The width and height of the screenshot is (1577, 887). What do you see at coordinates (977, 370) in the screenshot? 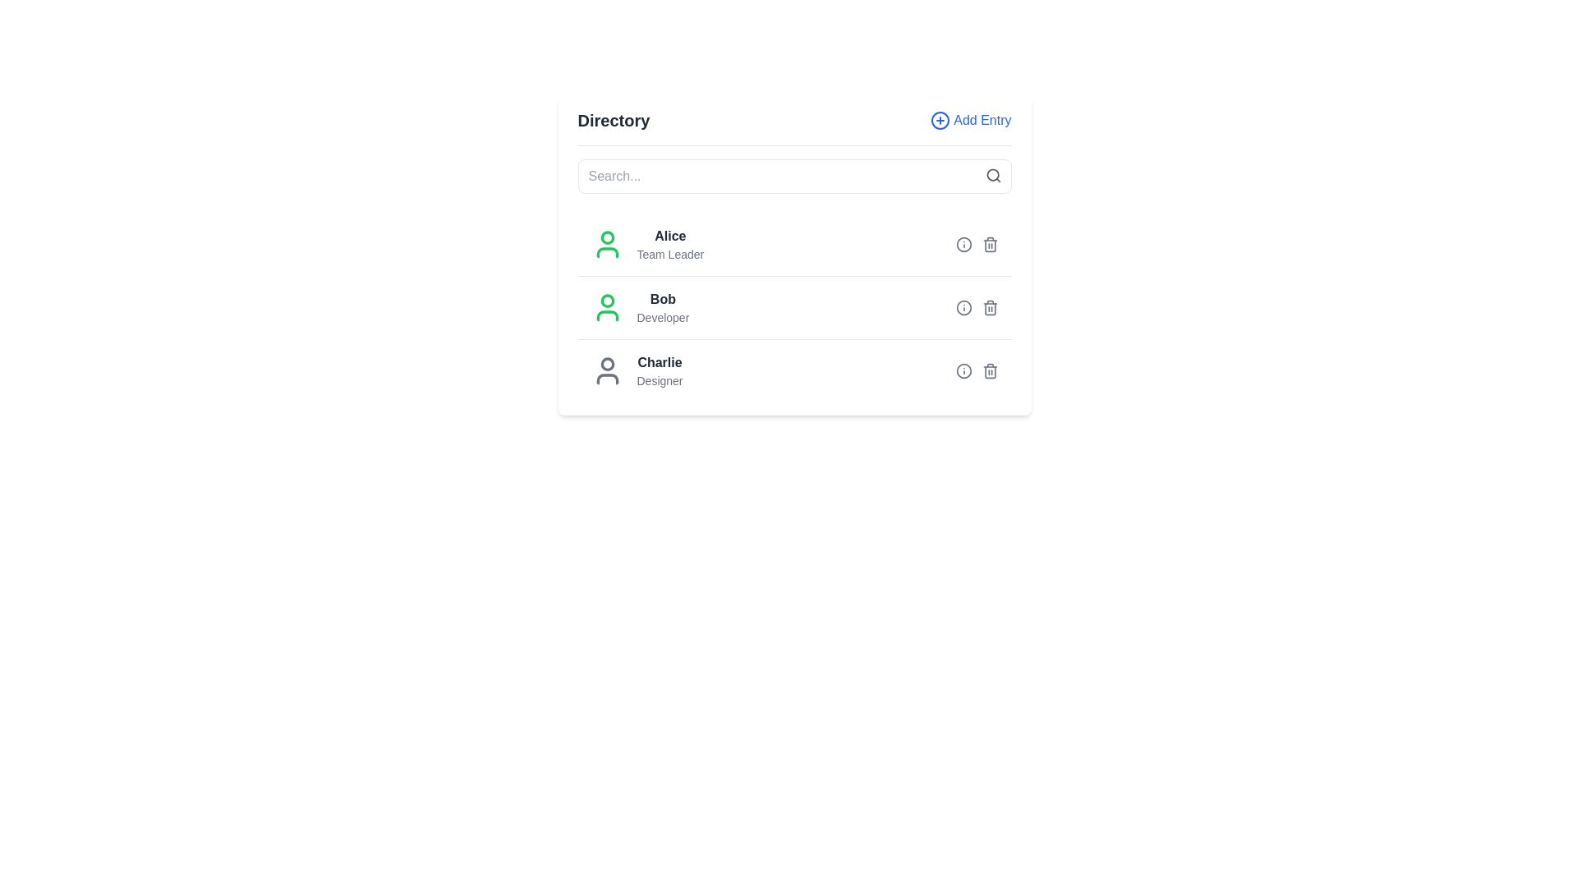
I see `the group of interactive buttons or action icons related to the 'Charlie' entry, specifically the third row of icons adjacent to 'Charlie' and 'Designer'` at bounding box center [977, 370].